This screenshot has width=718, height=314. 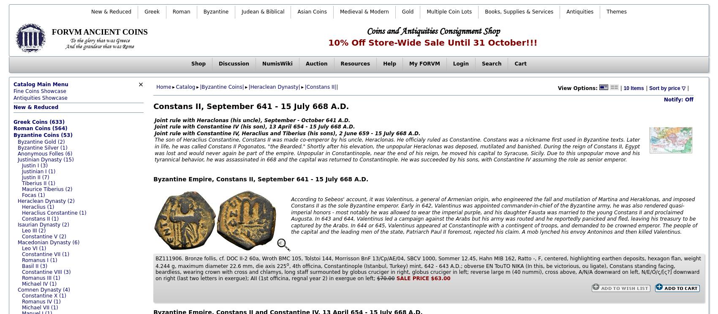 What do you see at coordinates (38, 206) in the screenshot?
I see `'Heraclius (1)'` at bounding box center [38, 206].